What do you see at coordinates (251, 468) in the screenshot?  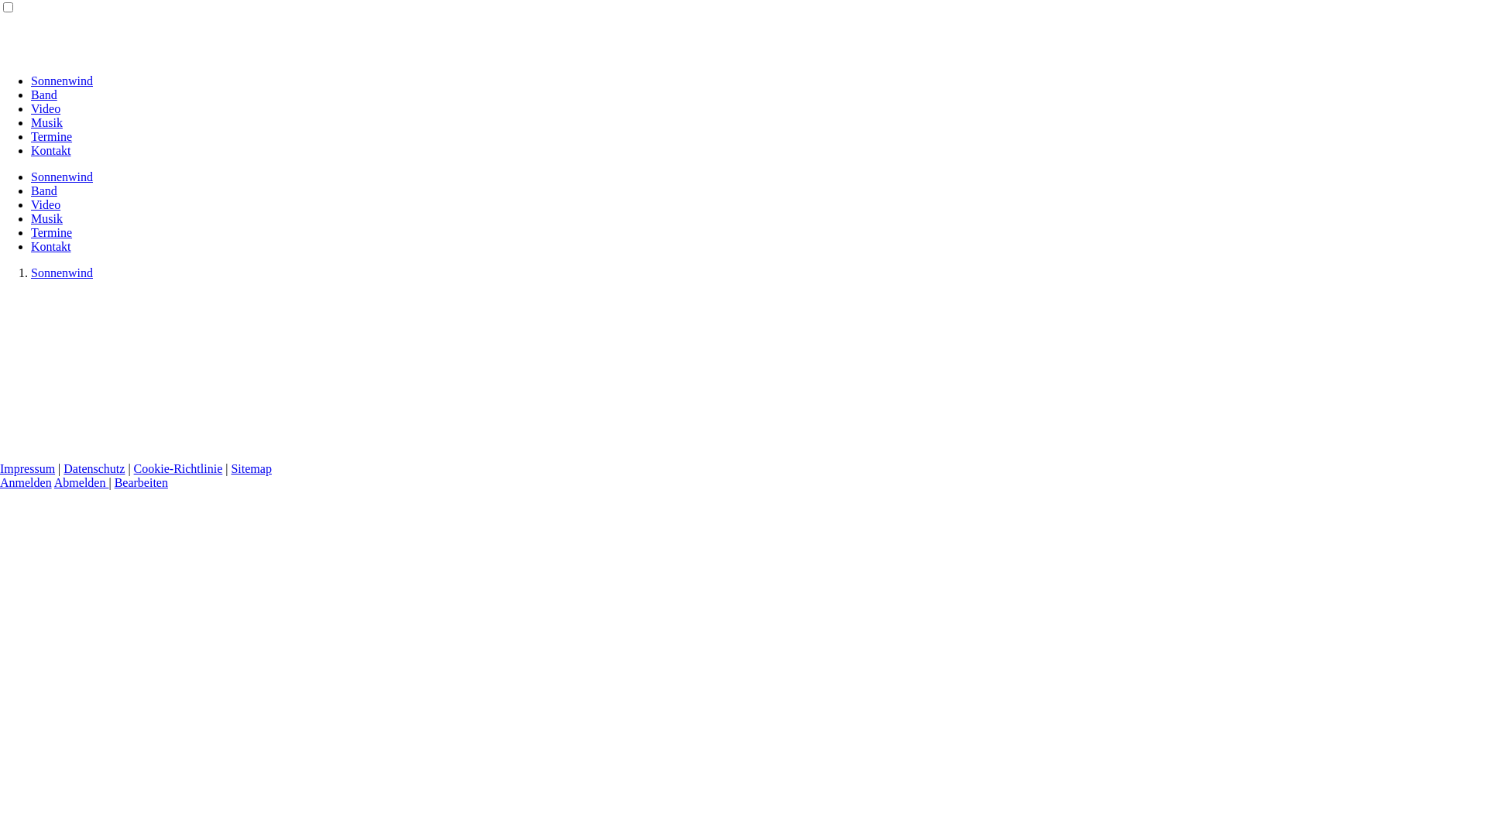 I see `'Sitemap'` at bounding box center [251, 468].